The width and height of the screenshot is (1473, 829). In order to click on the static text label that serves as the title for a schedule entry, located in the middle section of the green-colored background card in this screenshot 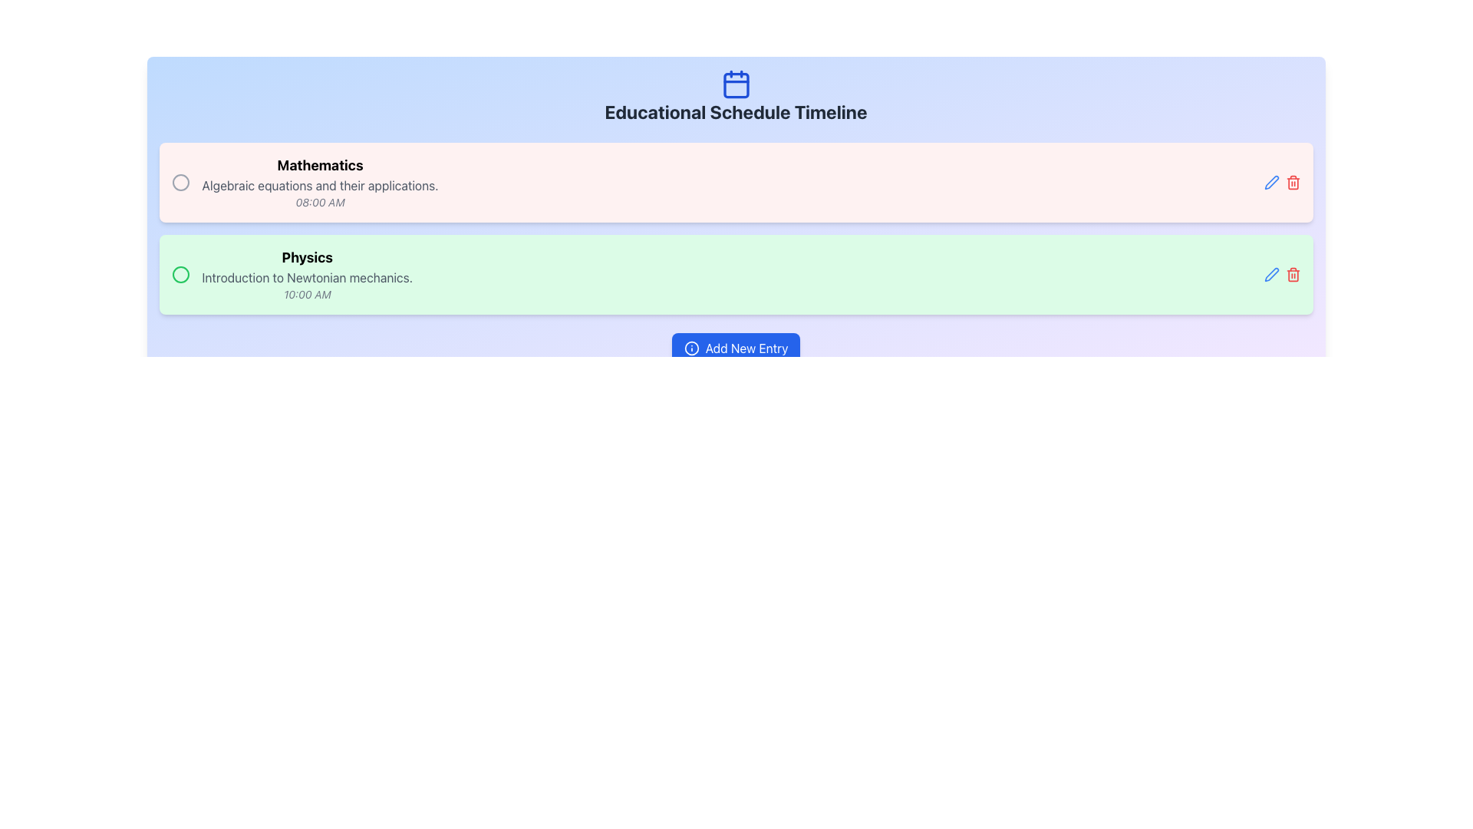, I will do `click(307, 256)`.